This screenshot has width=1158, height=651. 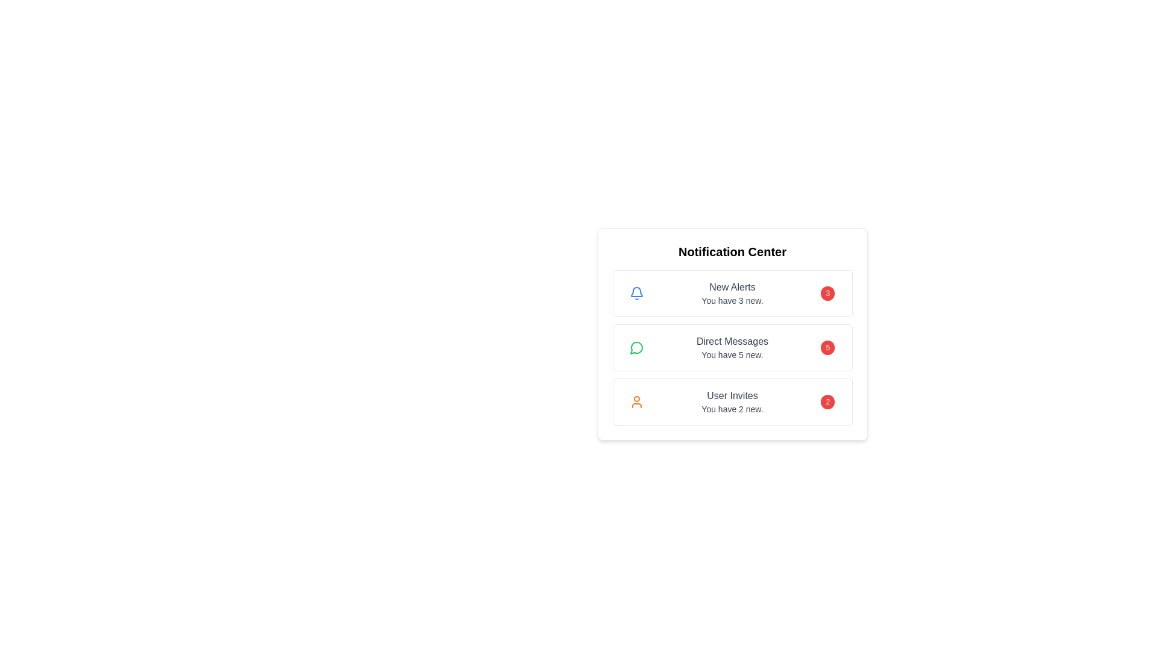 I want to click on the Notification badge displaying the number '5' located in the 'Direct Messages' section of the 'Notification Center', so click(x=827, y=348).